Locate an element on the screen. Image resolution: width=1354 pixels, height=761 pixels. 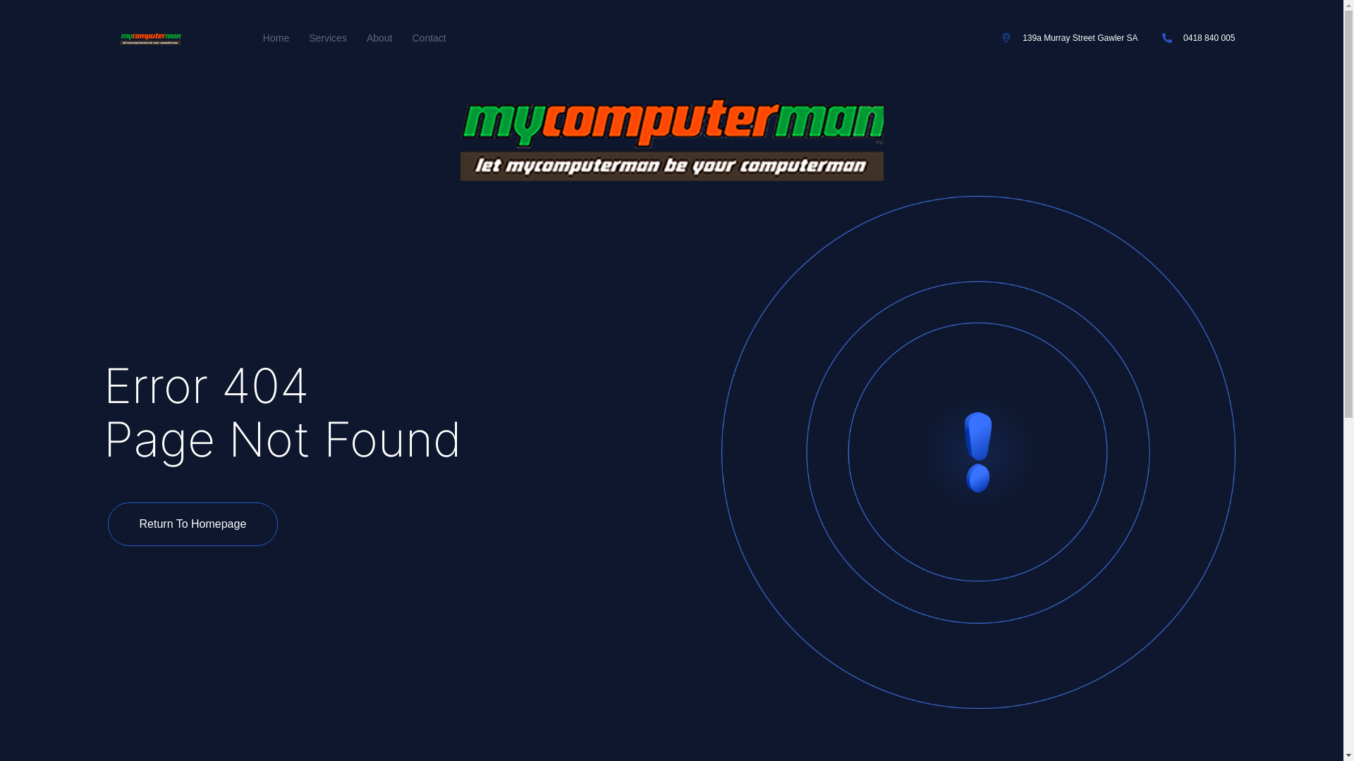
'MCM_v3' is located at coordinates (670, 135).